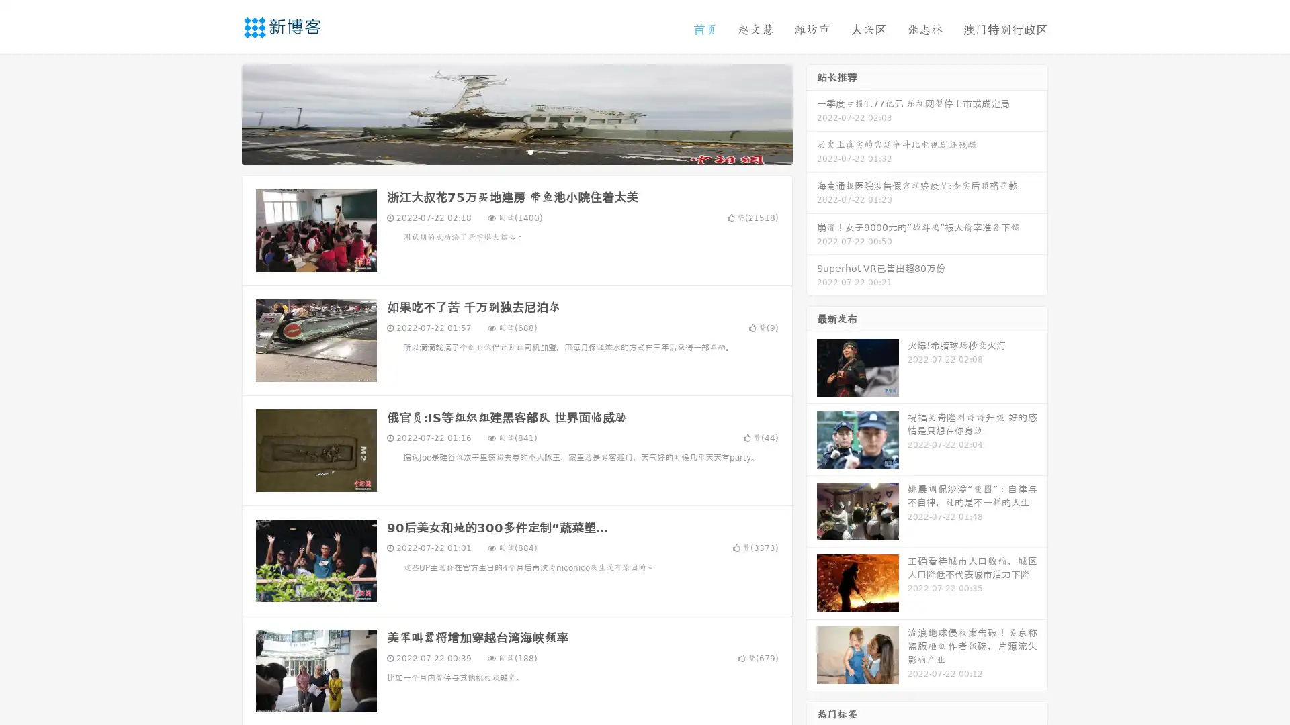  Describe the element at coordinates (530, 151) in the screenshot. I see `Go to slide 3` at that location.